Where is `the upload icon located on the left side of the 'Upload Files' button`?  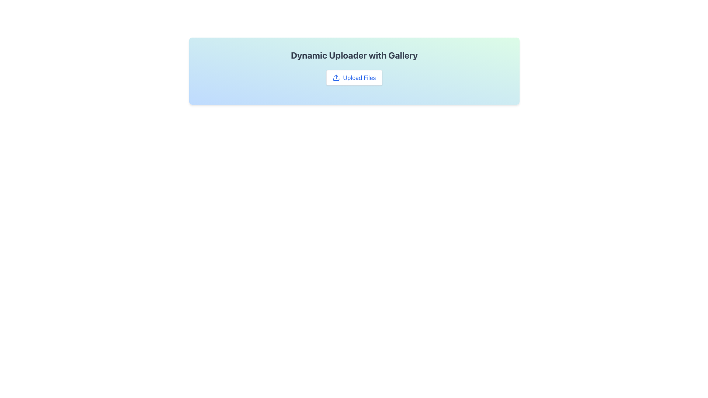
the upload icon located on the left side of the 'Upload Files' button is located at coordinates (336, 78).